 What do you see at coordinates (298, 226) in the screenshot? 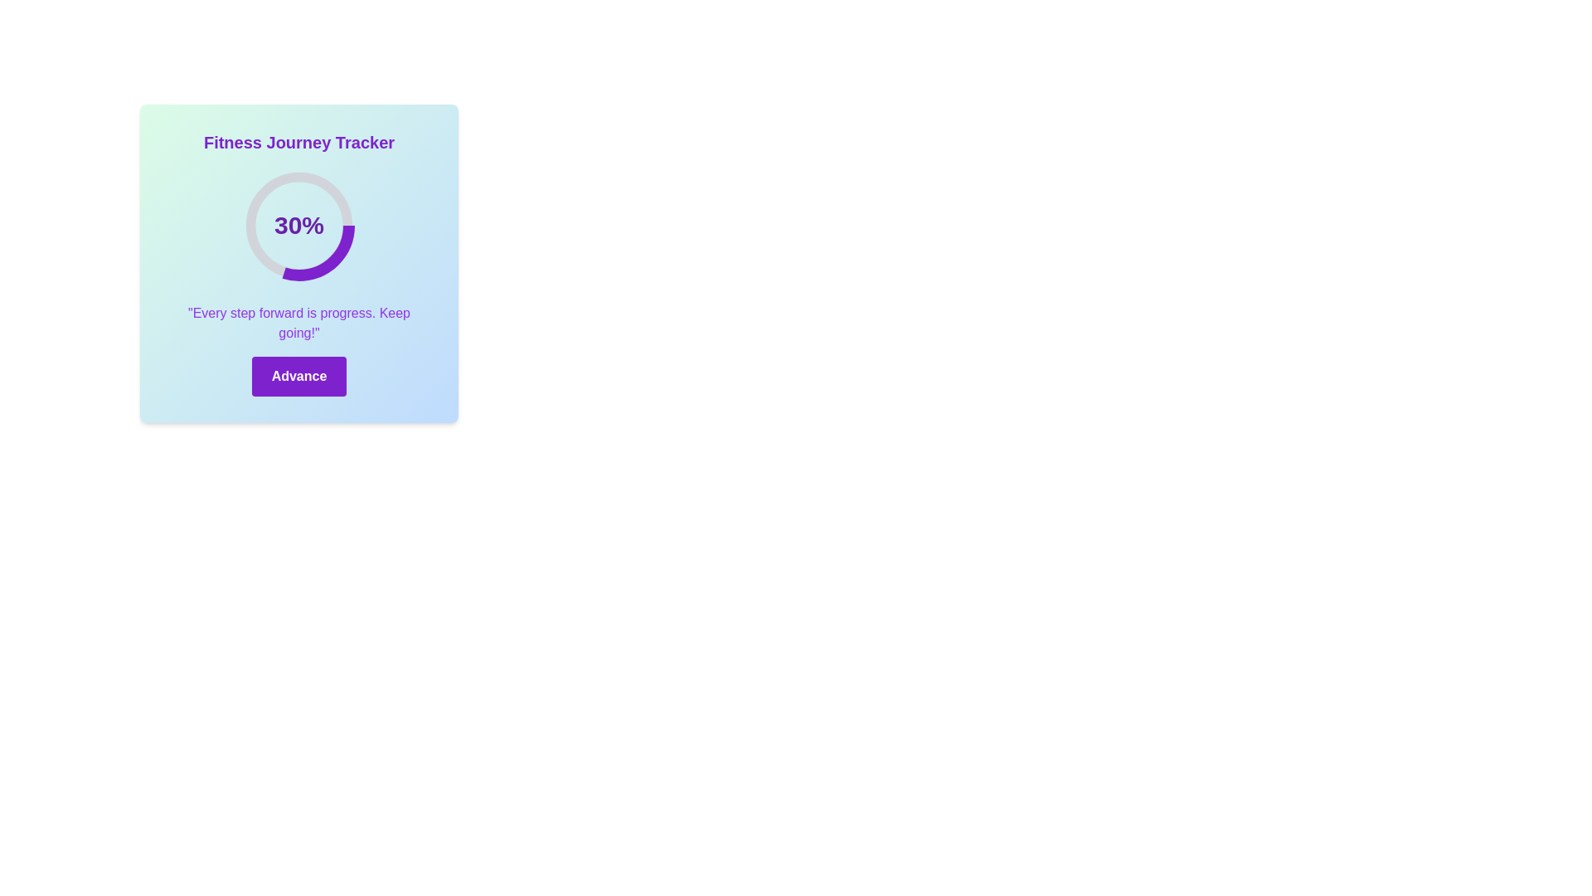
I see `the circular shape that indicates progress, located at the center of the circular progress indicator, just below the title 'Fitness Journey Tracker'` at bounding box center [298, 226].